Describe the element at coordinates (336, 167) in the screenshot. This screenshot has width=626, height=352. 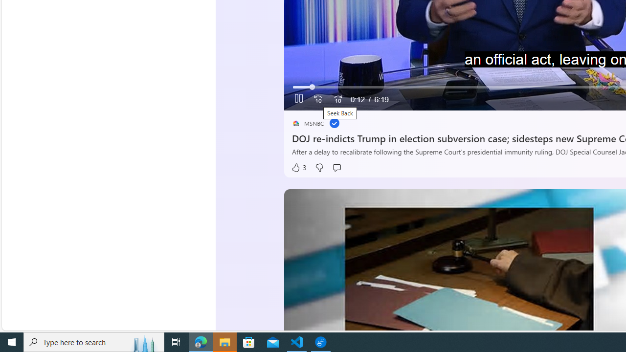
I see `'Start the conversation'` at that location.